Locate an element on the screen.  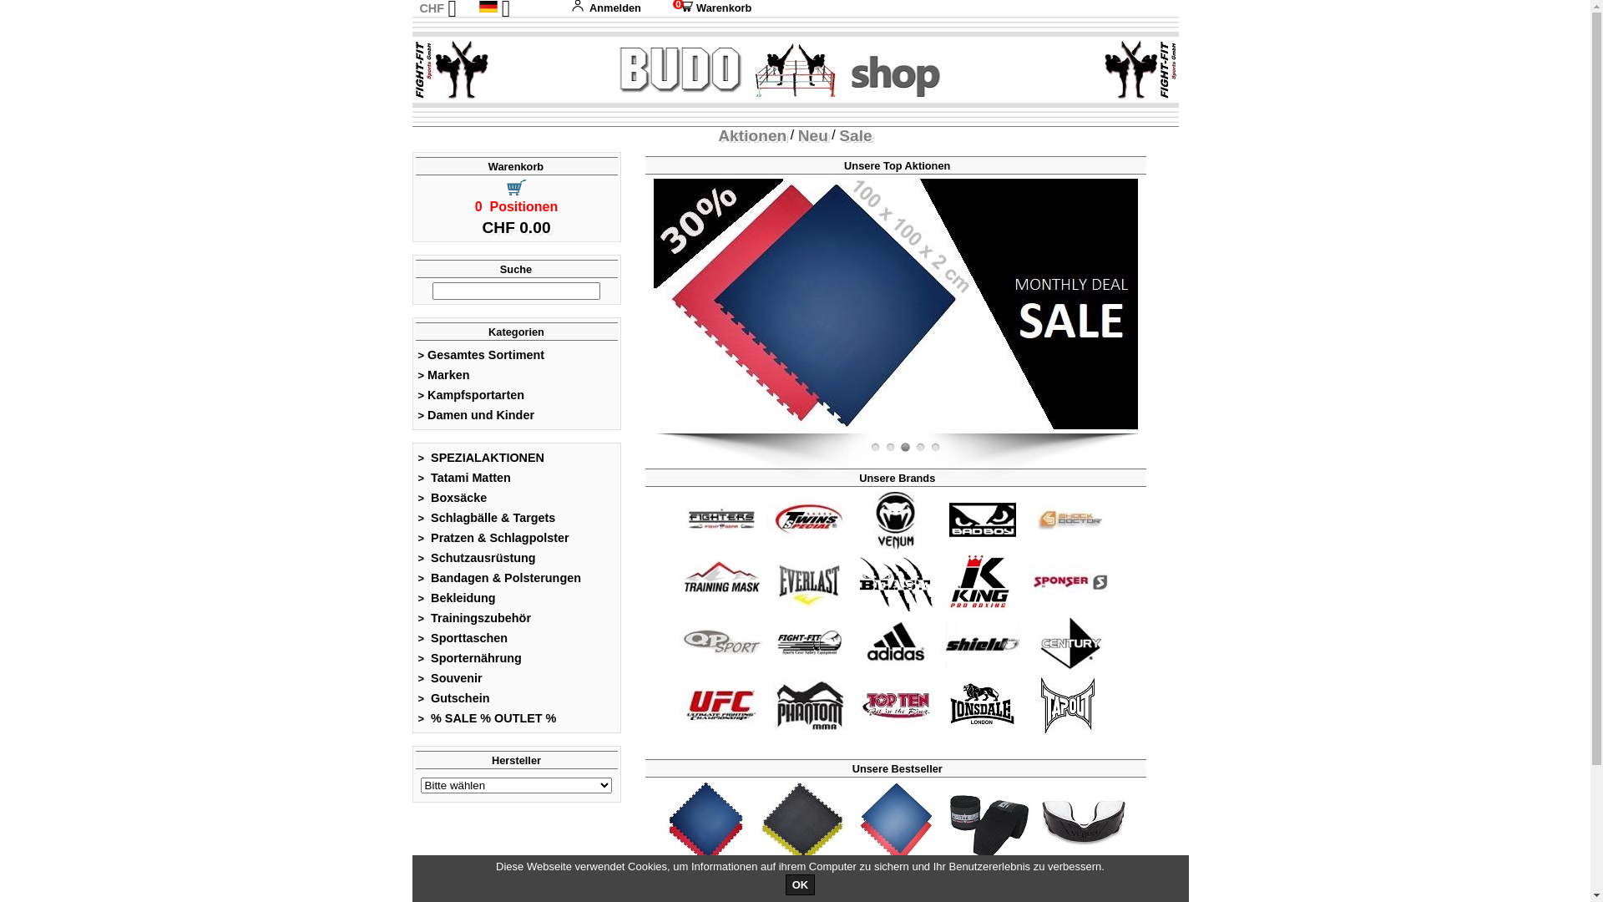
'> Kampfsportarten' is located at coordinates (417, 395).